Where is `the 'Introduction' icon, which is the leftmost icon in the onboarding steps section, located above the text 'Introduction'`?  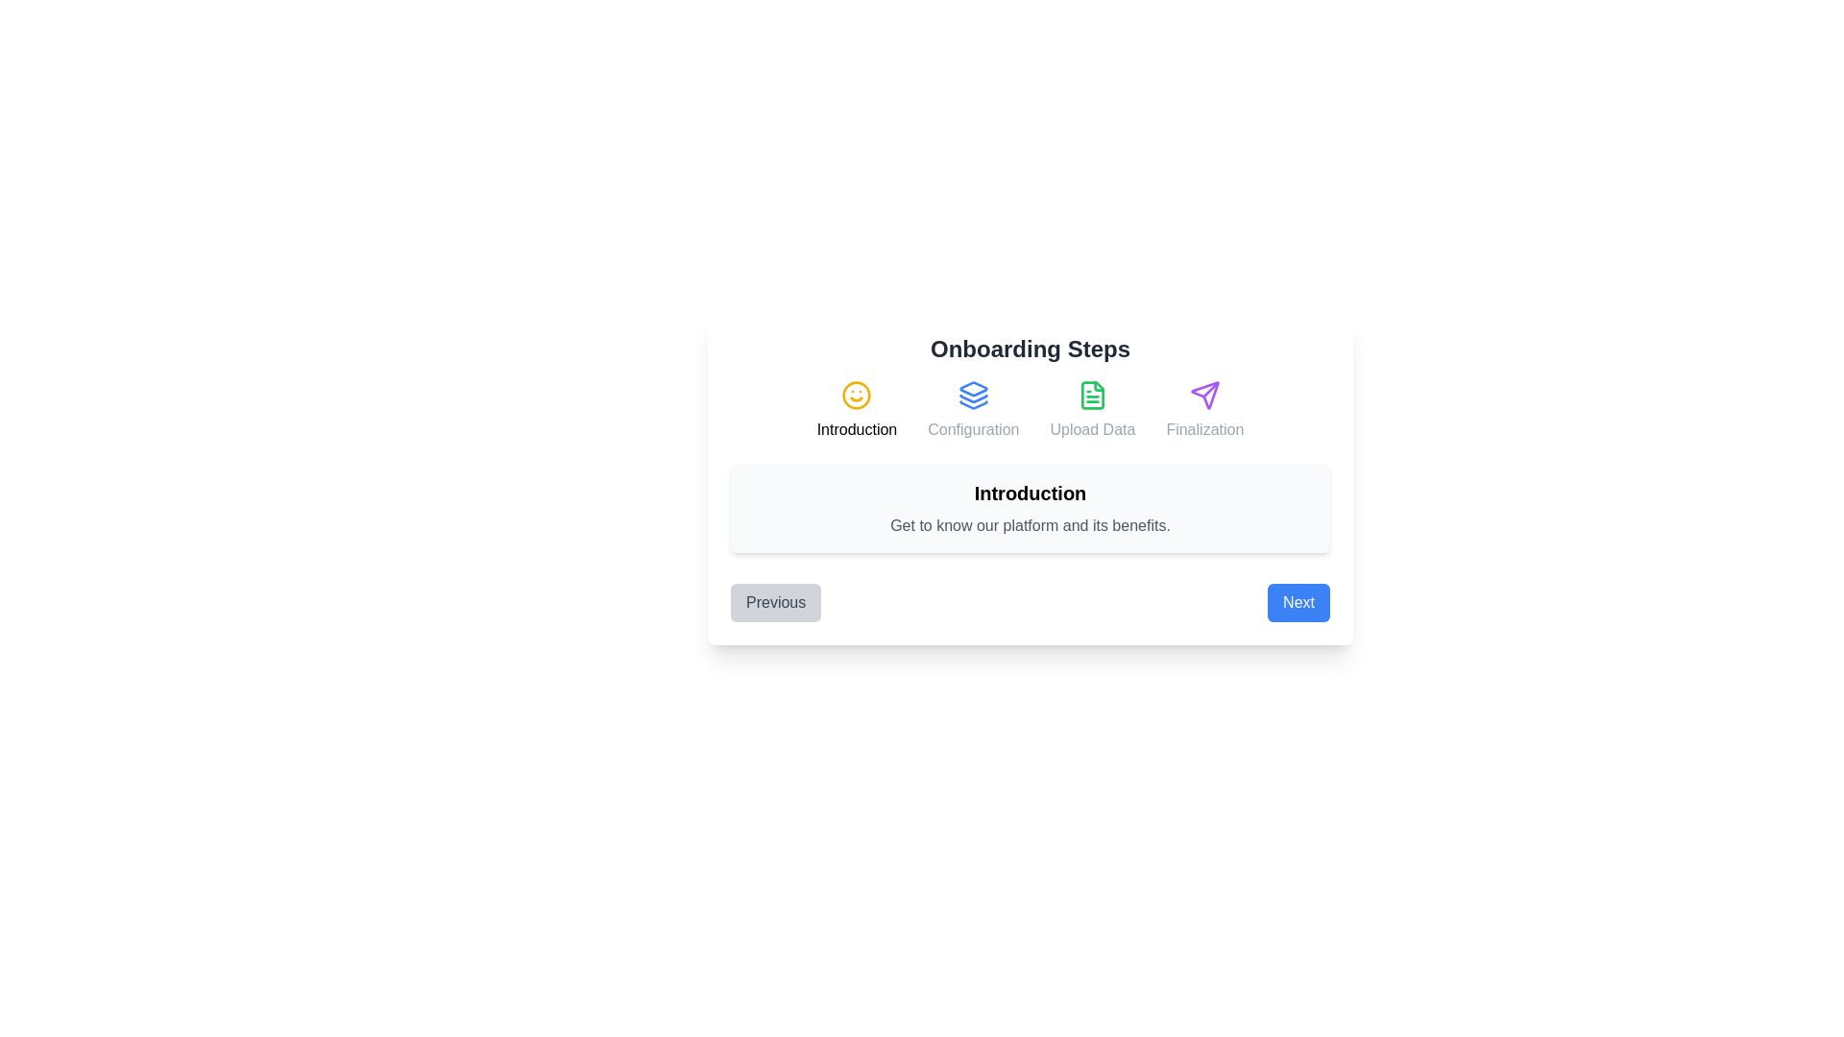 the 'Introduction' icon, which is the leftmost icon in the onboarding steps section, located above the text 'Introduction' is located at coordinates (856, 395).